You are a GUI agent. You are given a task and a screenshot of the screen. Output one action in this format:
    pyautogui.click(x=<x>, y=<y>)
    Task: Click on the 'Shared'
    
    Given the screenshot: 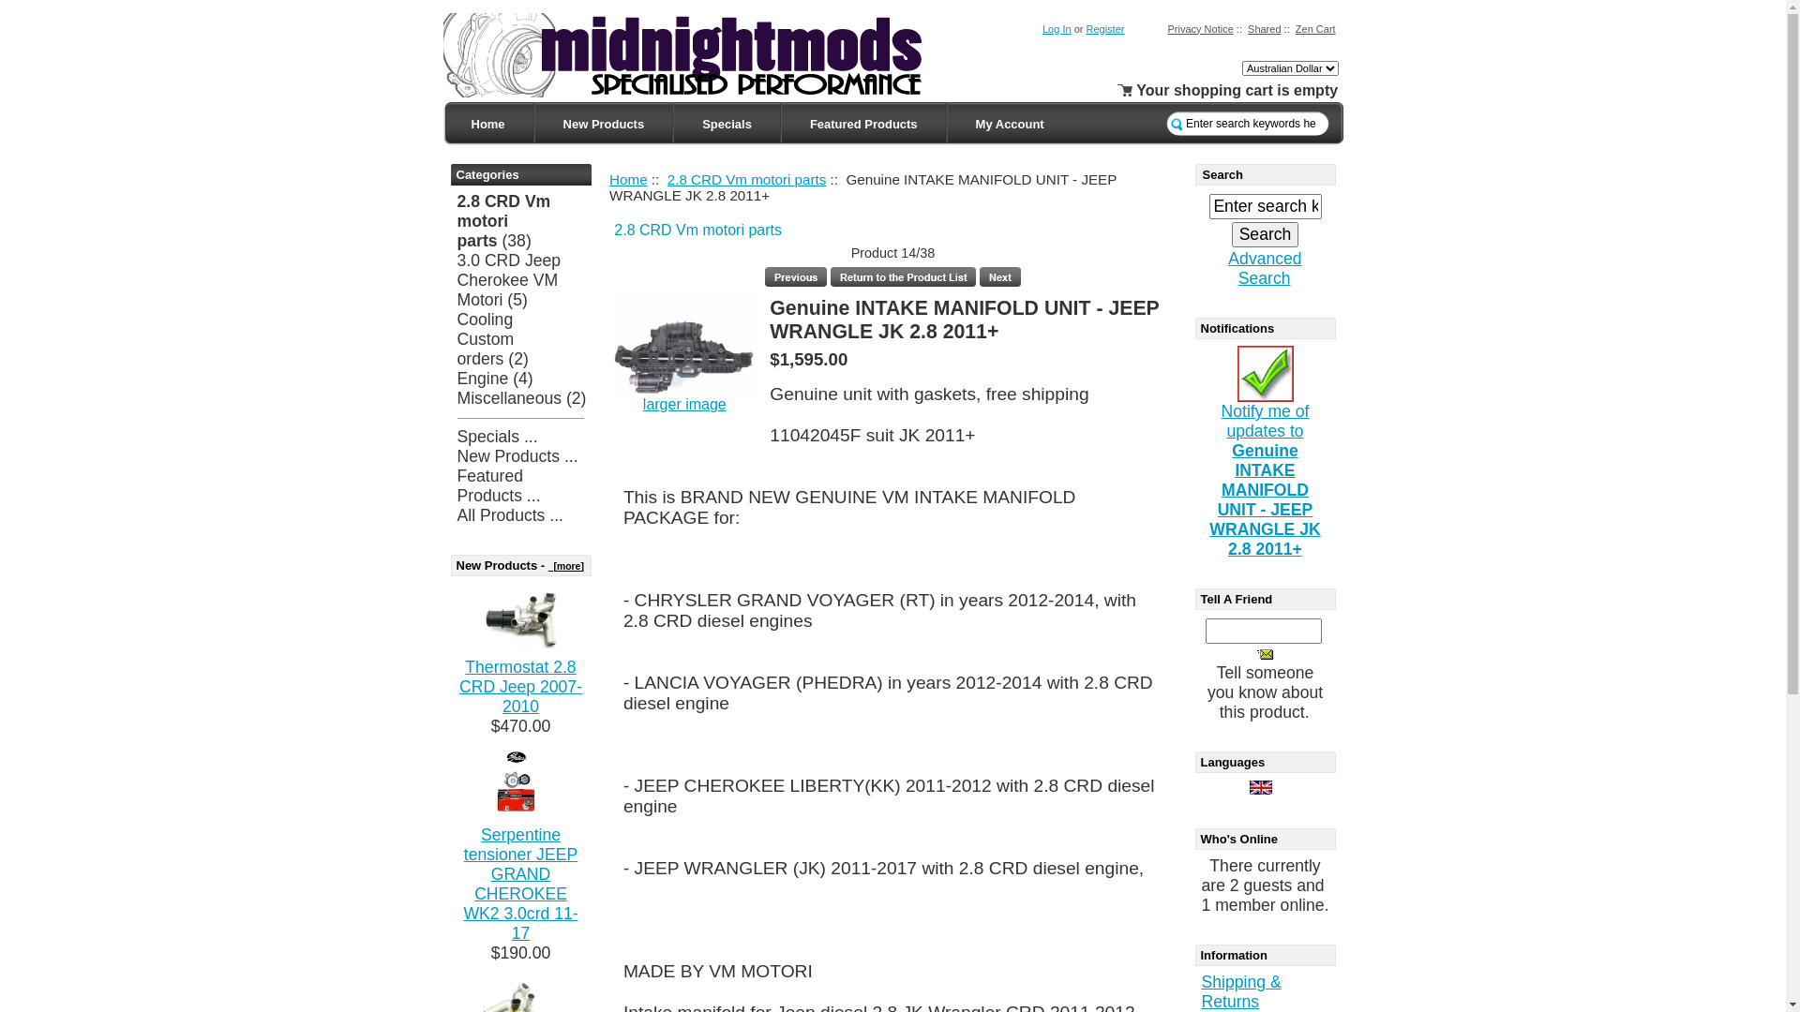 What is the action you would take?
    pyautogui.click(x=1264, y=28)
    